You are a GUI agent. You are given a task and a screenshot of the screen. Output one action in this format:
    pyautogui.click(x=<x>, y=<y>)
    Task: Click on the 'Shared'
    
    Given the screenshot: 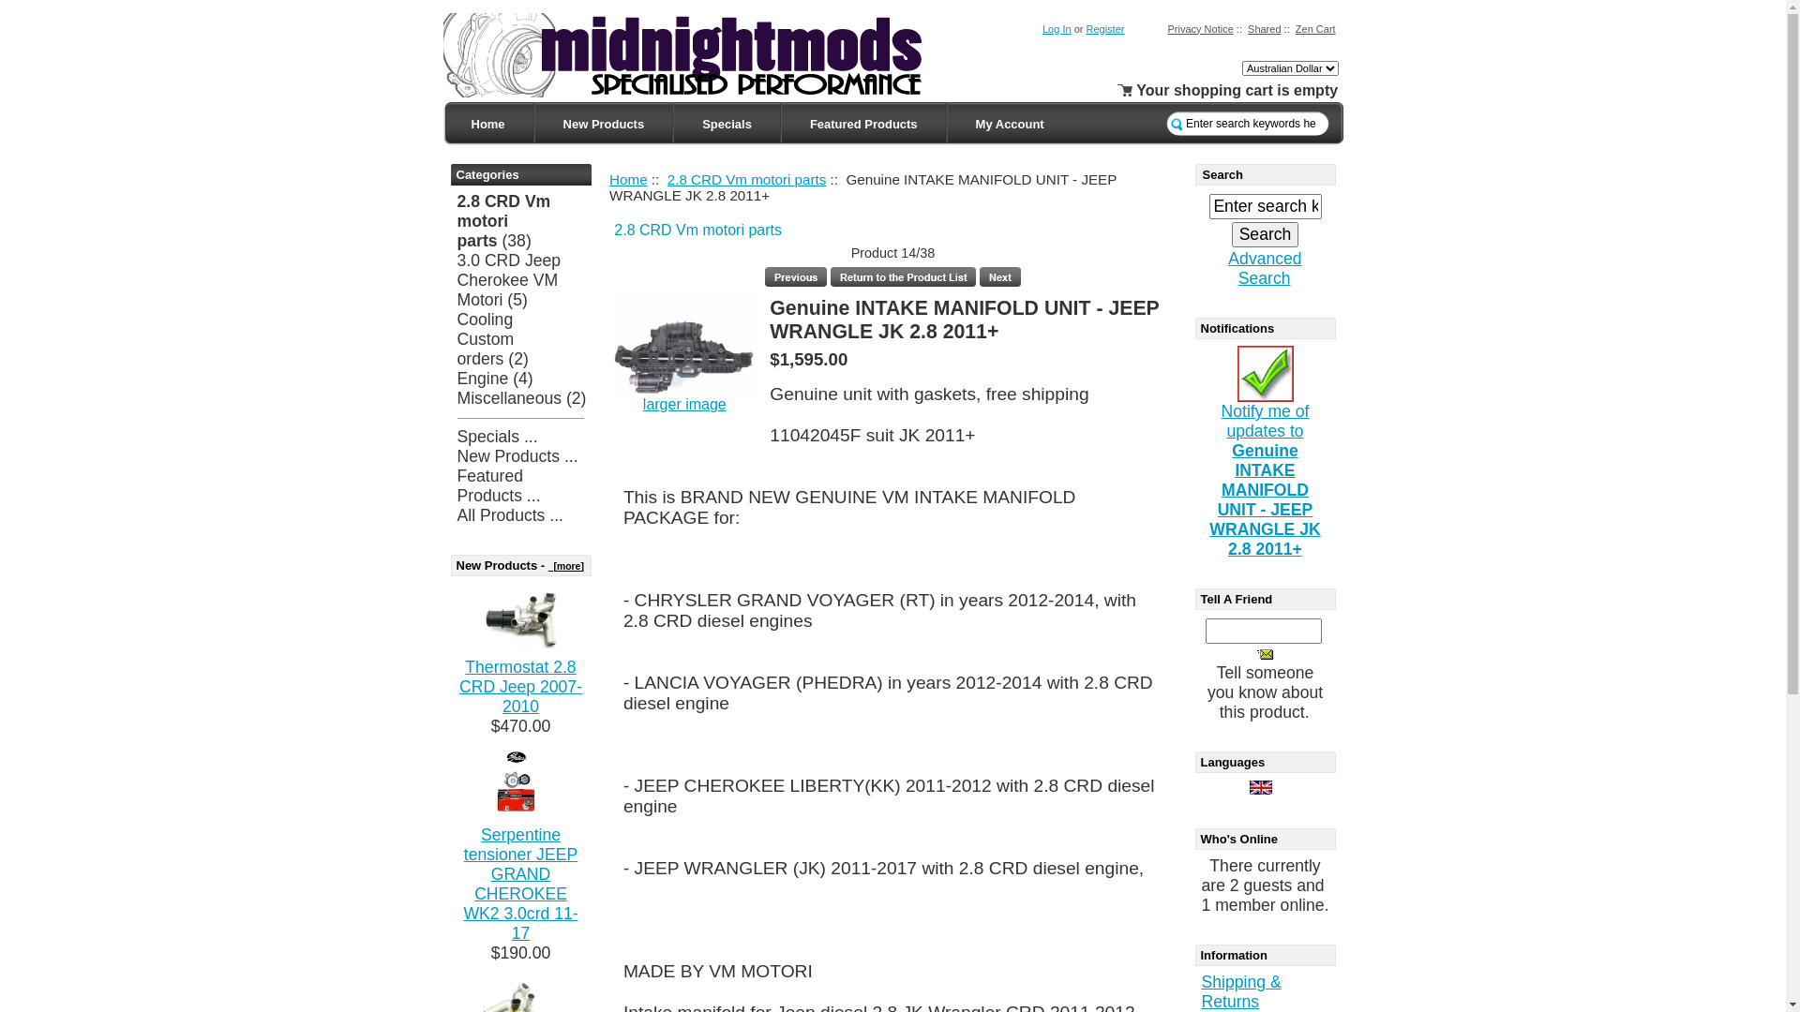 What is the action you would take?
    pyautogui.click(x=1264, y=28)
    